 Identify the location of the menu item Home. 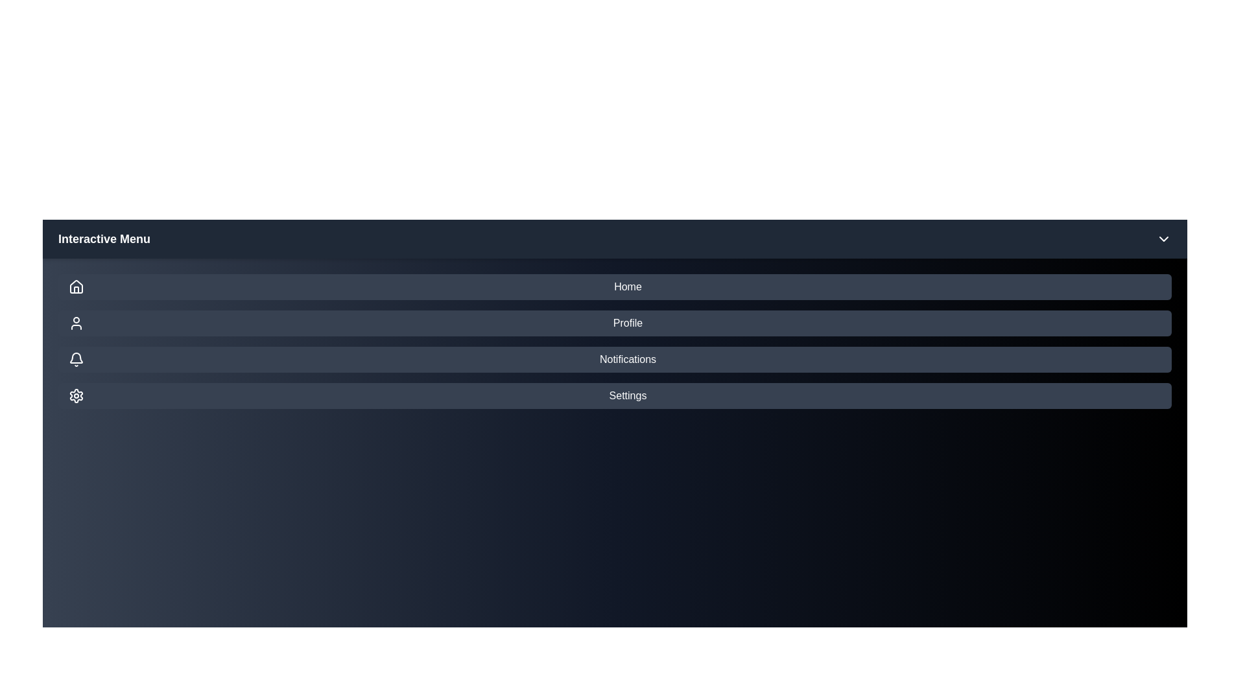
(614, 286).